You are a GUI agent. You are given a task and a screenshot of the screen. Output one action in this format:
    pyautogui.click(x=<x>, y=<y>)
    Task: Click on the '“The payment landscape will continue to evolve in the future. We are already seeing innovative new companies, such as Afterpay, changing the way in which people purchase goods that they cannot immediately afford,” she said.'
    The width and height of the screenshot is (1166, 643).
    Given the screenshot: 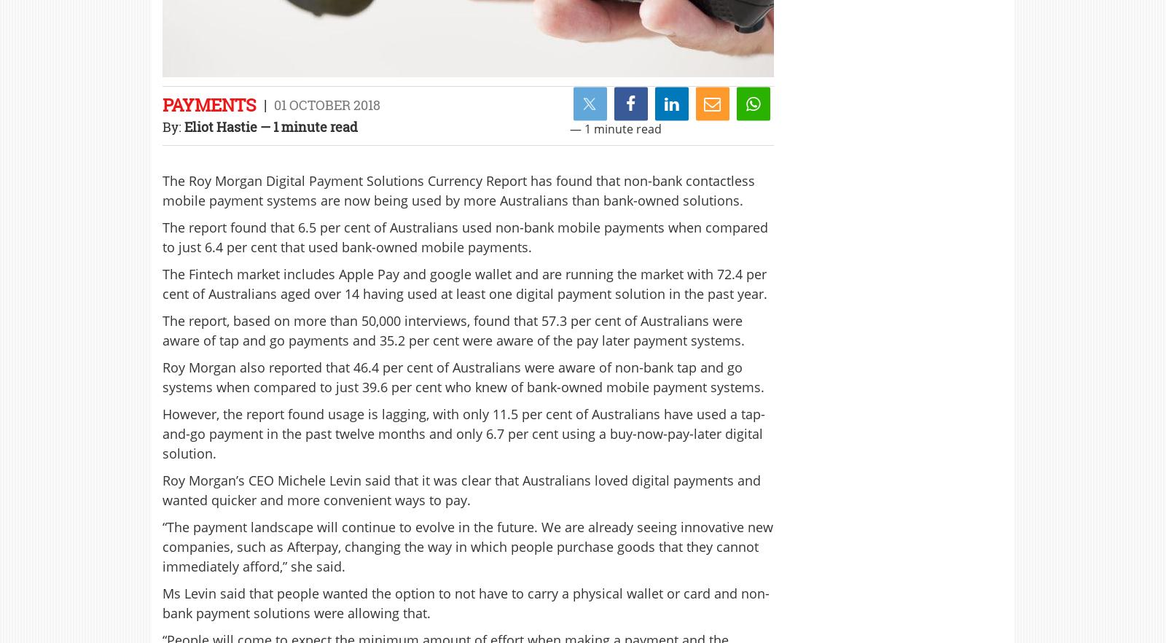 What is the action you would take?
    pyautogui.click(x=467, y=545)
    